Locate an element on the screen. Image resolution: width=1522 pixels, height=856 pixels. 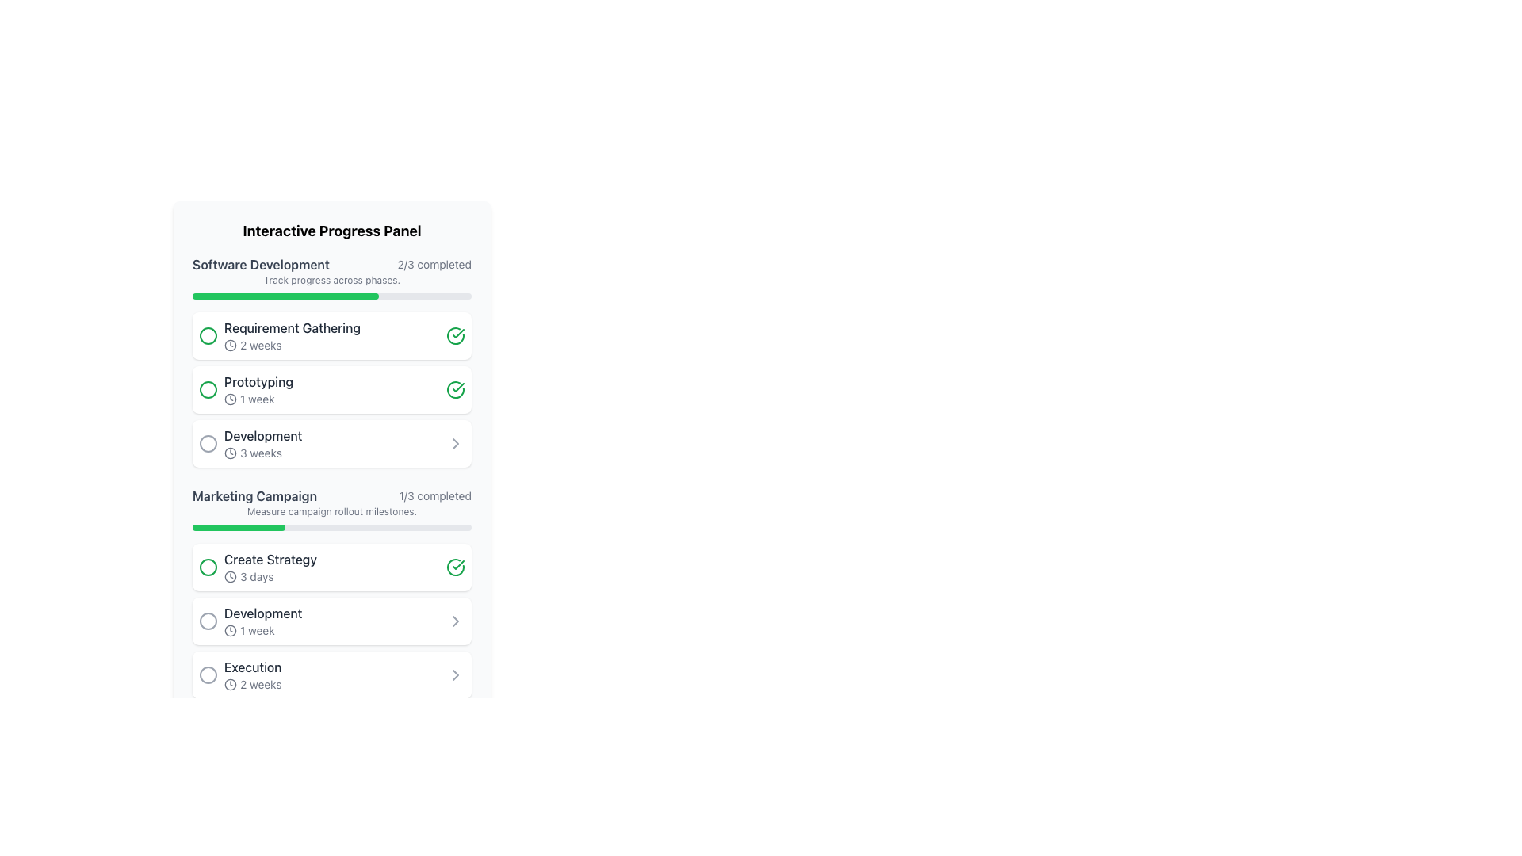
the circular checkbox to the left of the 'Create Strategy' text block to mark the task as completed is located at coordinates (270, 567).